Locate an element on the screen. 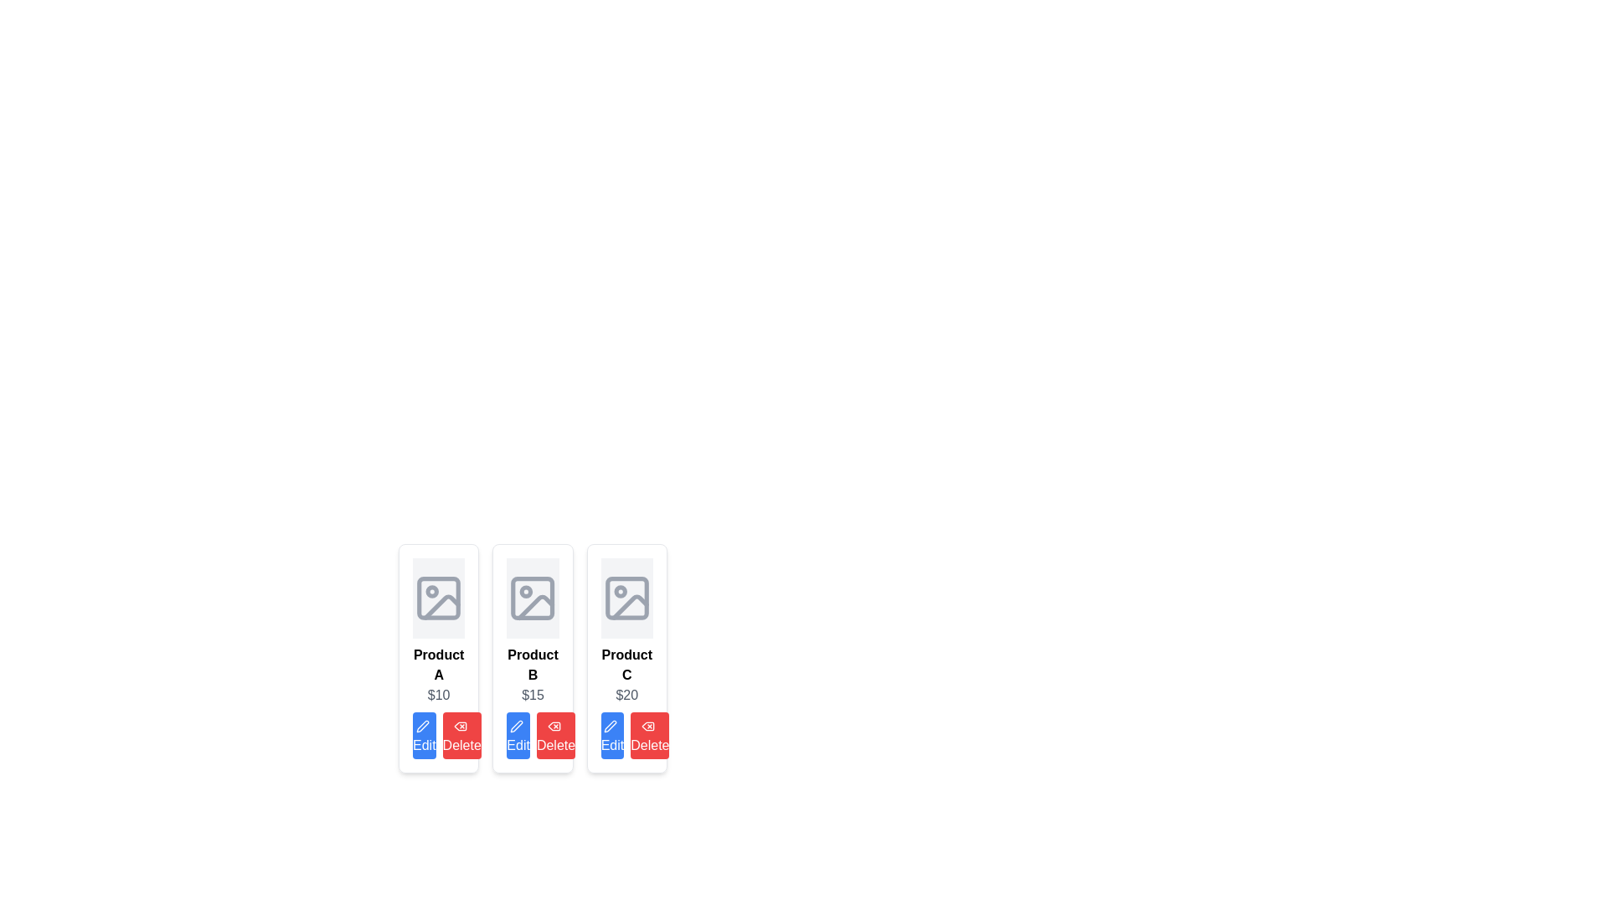 Image resolution: width=1608 pixels, height=904 pixels. the text label that represents the product name, positioned under the placeholder image icon and above the '$10' price text is located at coordinates (439, 664).